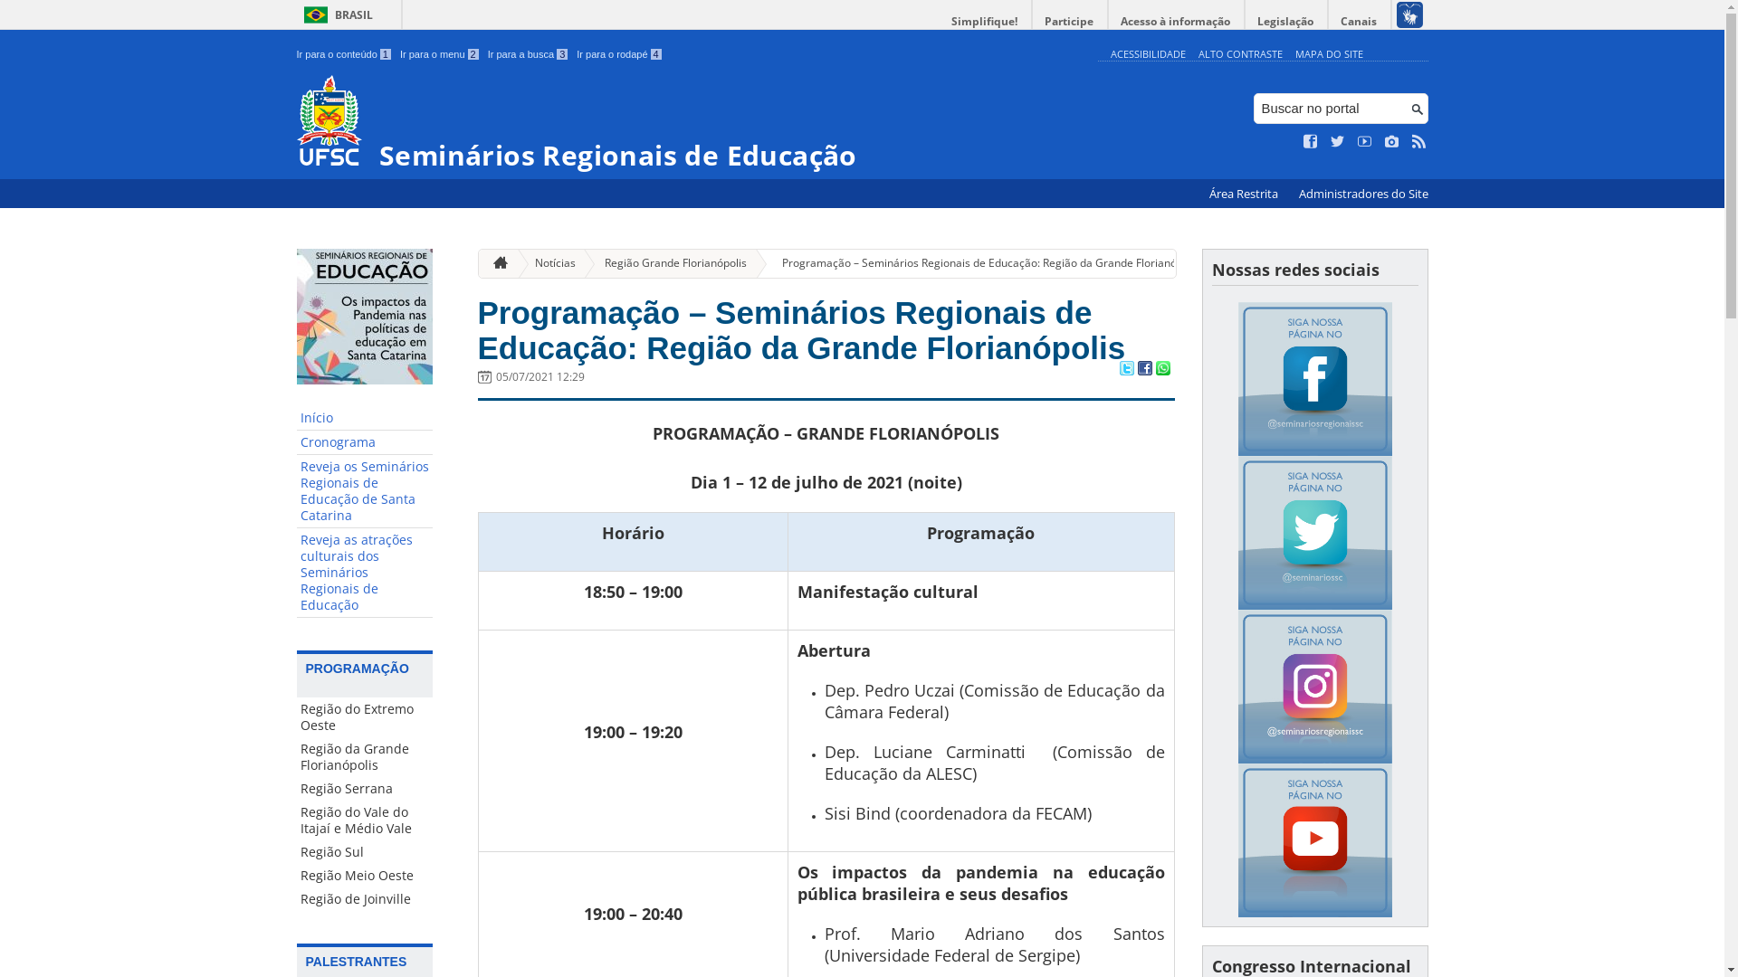  I want to click on 'BRASIL', so click(335, 14).